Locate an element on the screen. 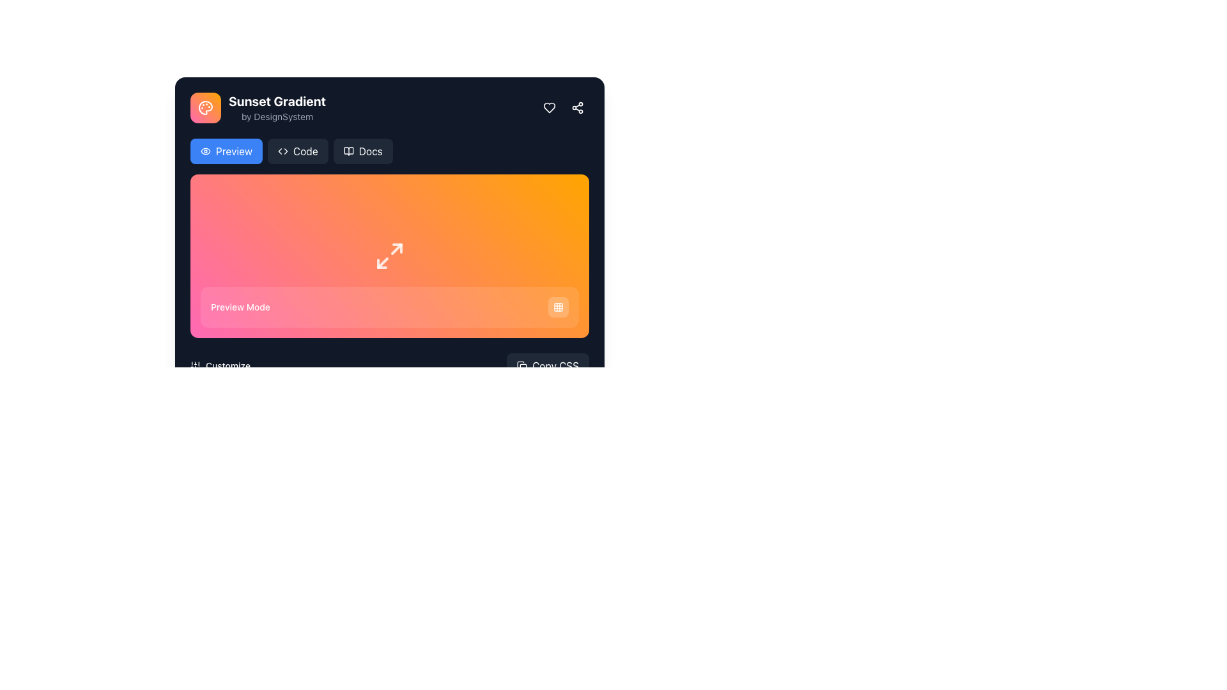 The image size is (1227, 690). the 'Customize' button with the icon of vertical sliders is located at coordinates (220, 366).